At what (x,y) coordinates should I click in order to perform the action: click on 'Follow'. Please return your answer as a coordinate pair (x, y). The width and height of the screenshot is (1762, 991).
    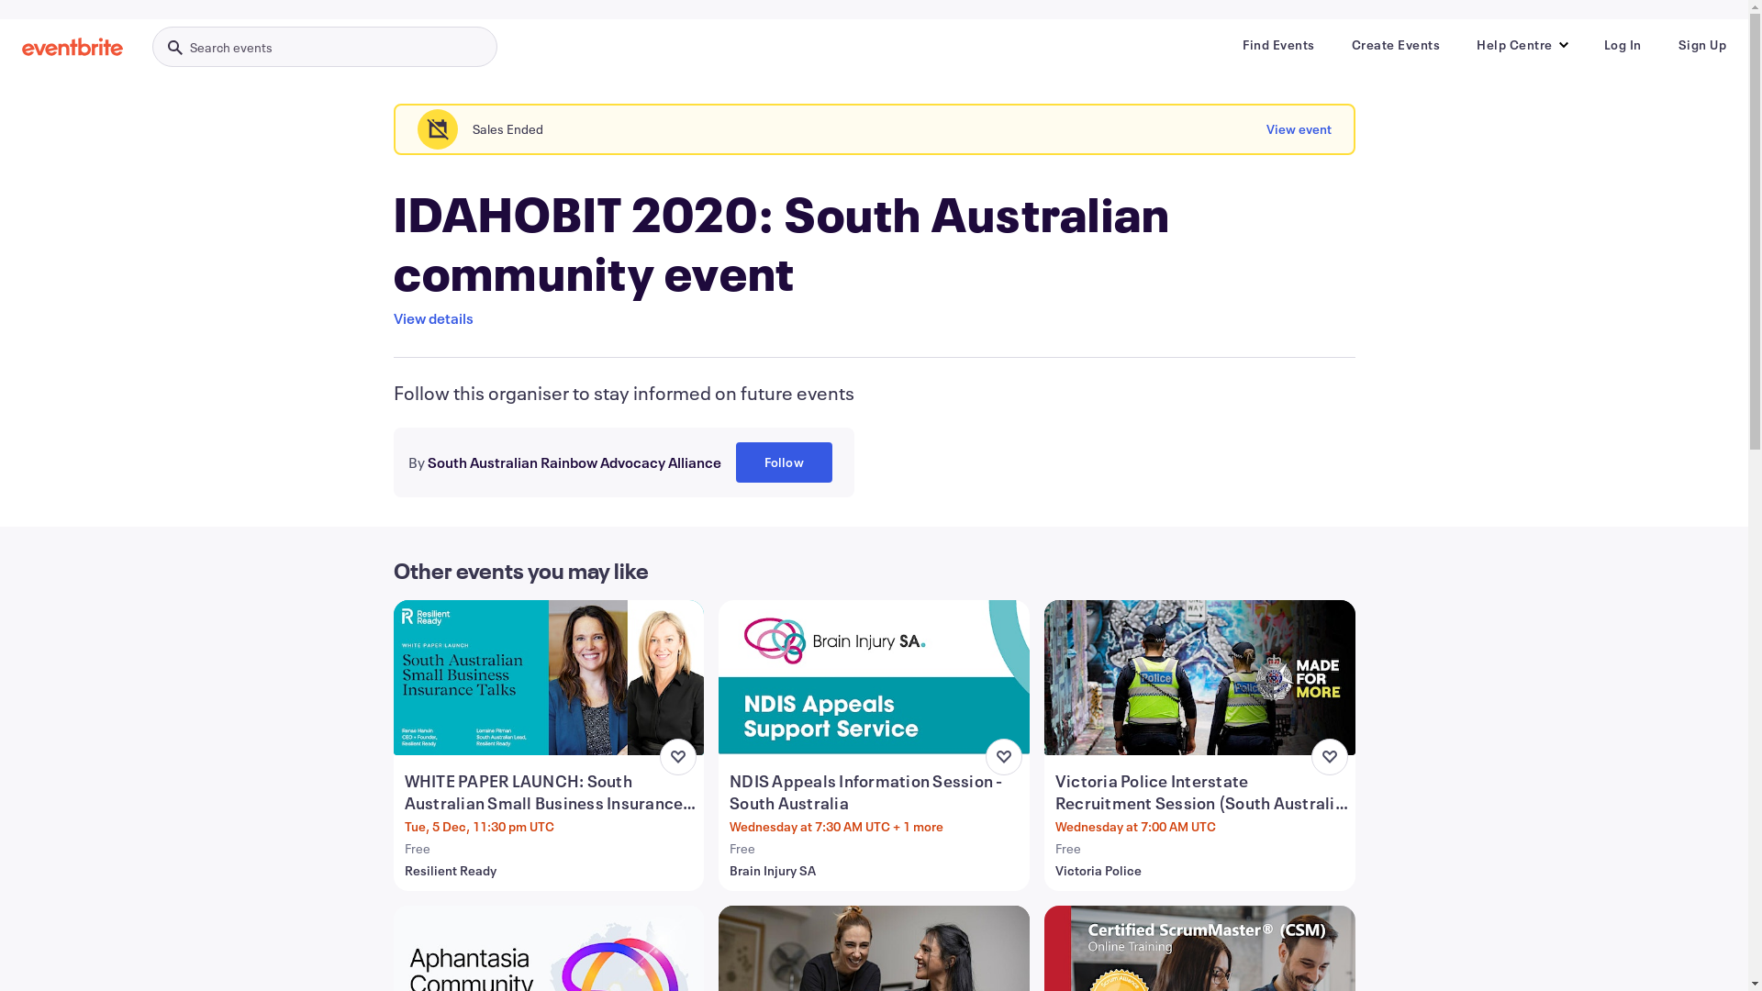
    Looking at the image, I should click on (784, 462).